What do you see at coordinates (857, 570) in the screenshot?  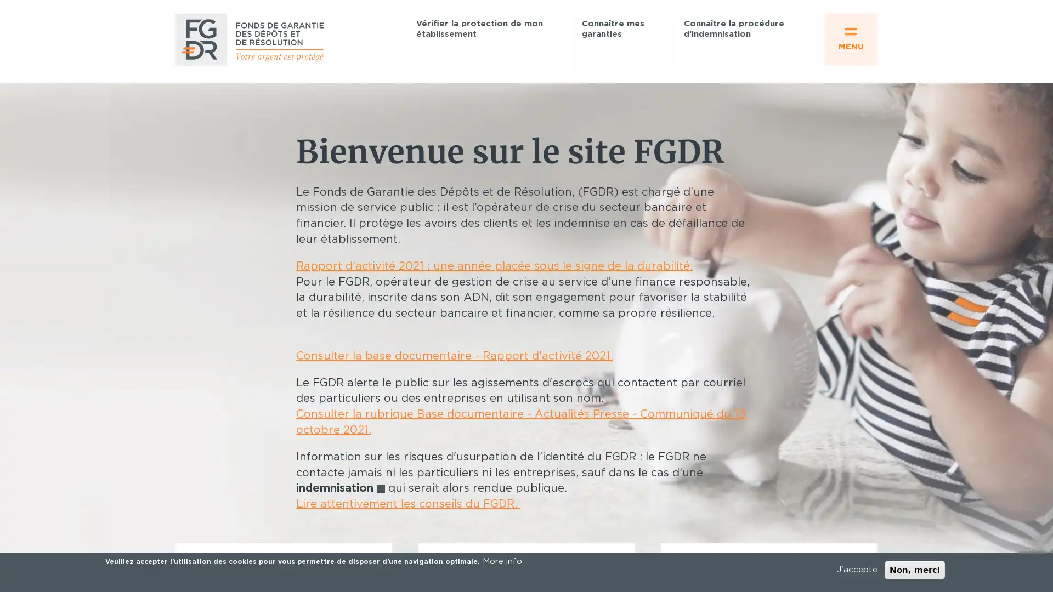 I see `J'accepte` at bounding box center [857, 570].